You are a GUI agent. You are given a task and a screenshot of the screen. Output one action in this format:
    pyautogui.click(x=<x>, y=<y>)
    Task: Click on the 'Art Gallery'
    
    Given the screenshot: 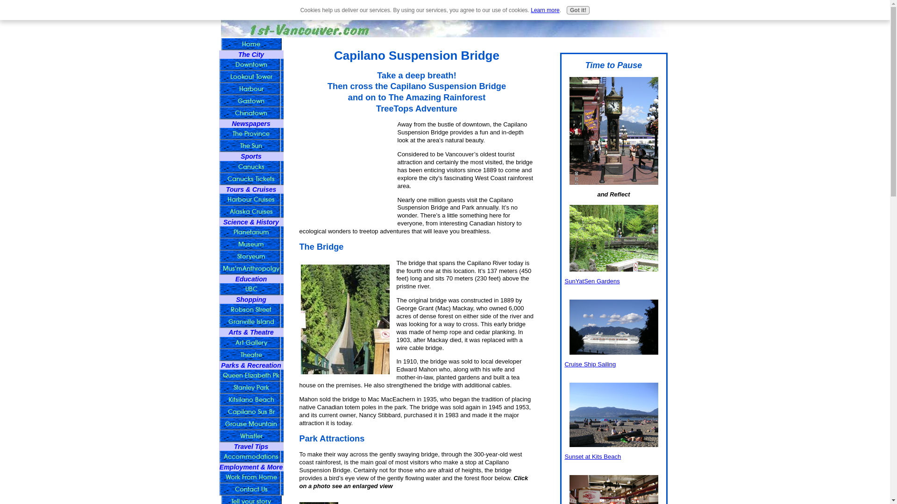 What is the action you would take?
    pyautogui.click(x=251, y=343)
    